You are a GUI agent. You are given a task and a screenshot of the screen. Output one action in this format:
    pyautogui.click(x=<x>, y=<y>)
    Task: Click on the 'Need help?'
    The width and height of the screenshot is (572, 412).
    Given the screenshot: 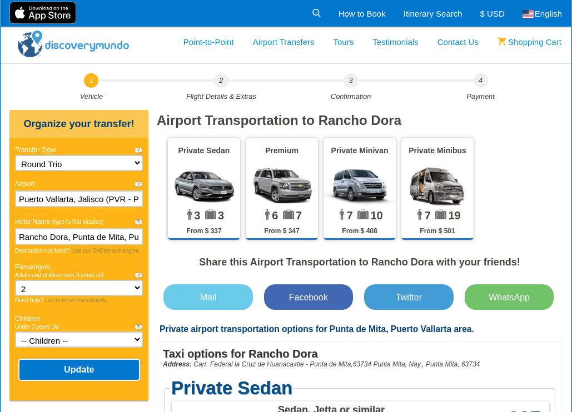 What is the action you would take?
    pyautogui.click(x=29, y=299)
    